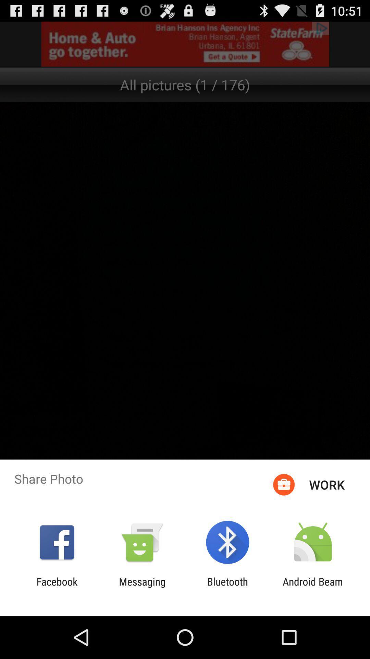 This screenshot has height=659, width=370. I want to click on the item next to the messaging item, so click(57, 587).